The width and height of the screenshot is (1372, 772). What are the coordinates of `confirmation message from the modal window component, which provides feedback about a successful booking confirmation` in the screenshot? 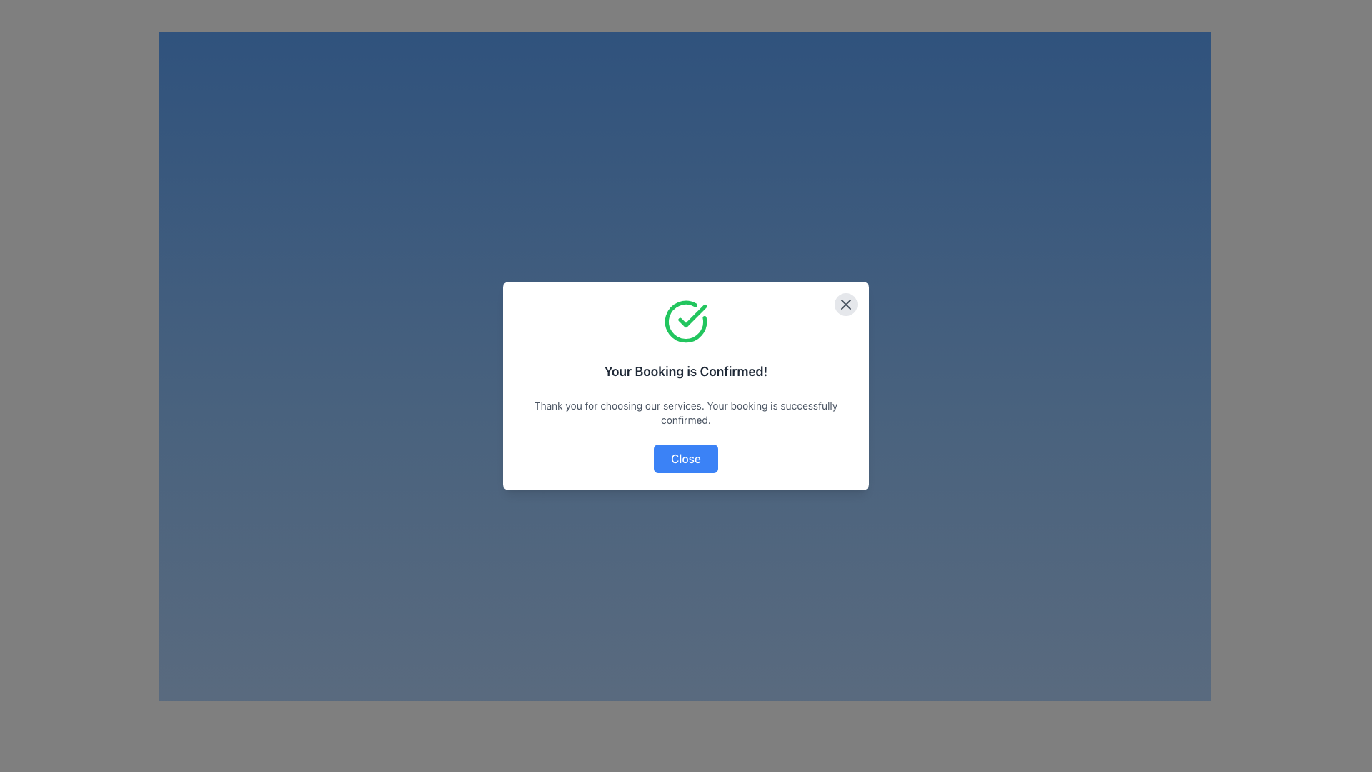 It's located at (686, 386).